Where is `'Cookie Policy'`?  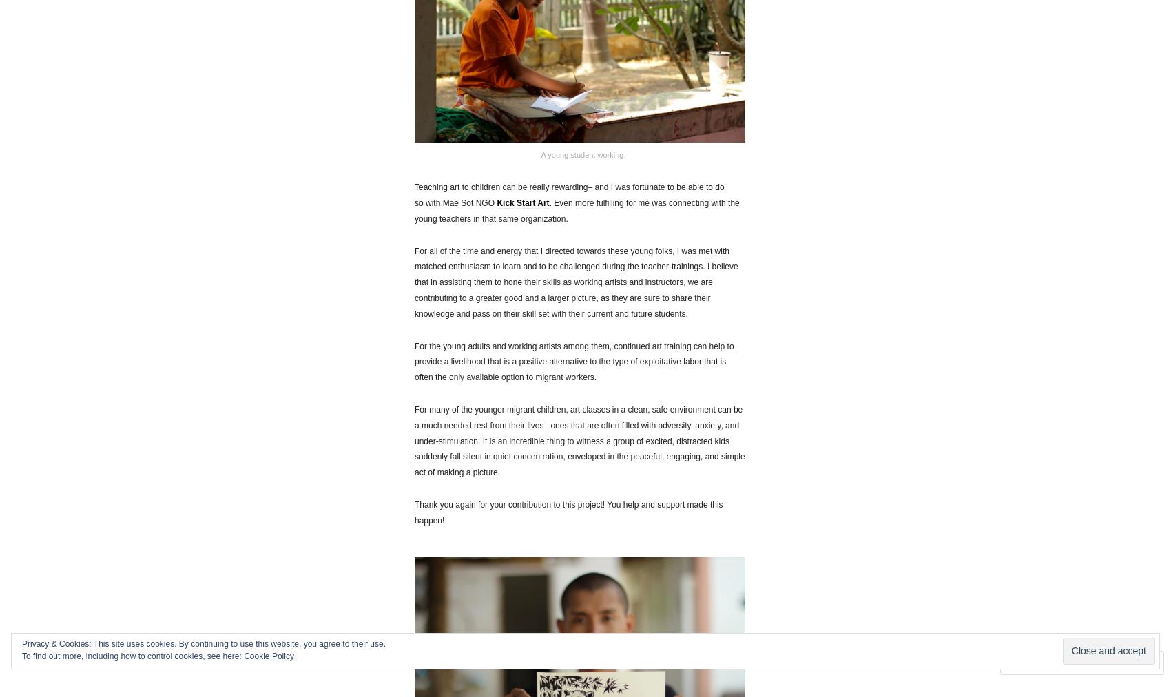 'Cookie Policy' is located at coordinates (267, 656).